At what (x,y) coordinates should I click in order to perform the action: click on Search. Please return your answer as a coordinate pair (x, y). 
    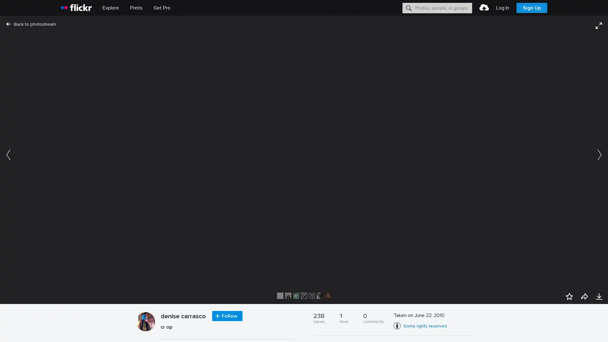
    Looking at the image, I should click on (409, 8).